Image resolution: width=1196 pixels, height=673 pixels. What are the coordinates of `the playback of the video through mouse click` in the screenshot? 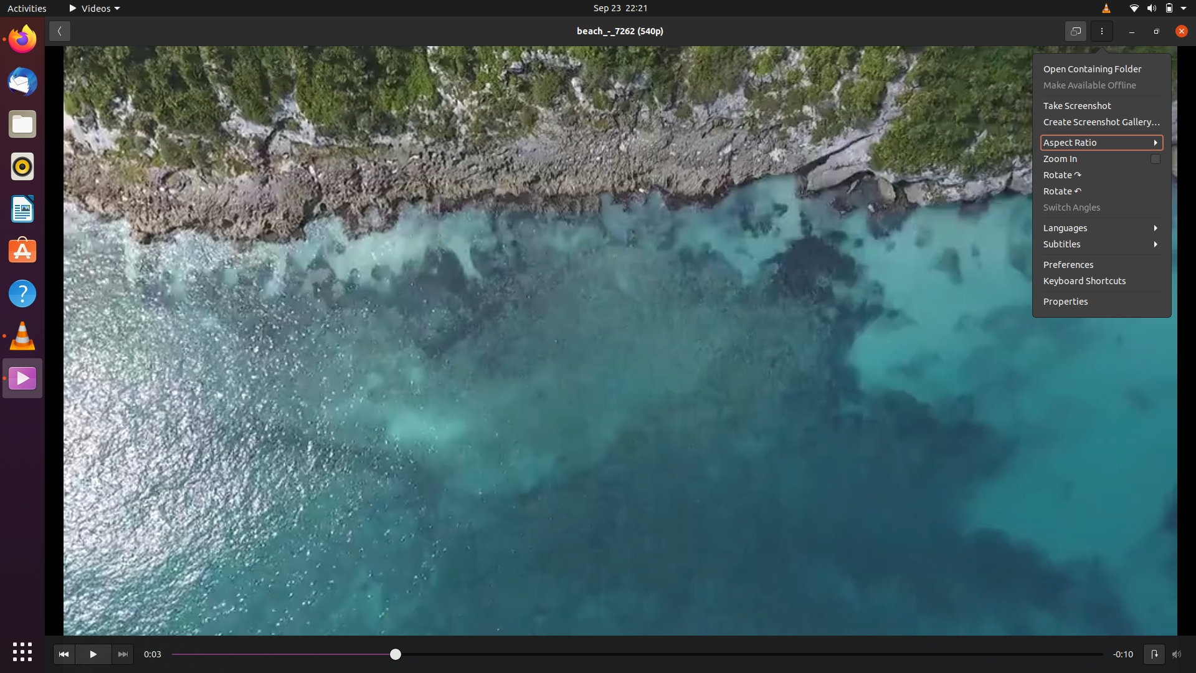 It's located at (92, 654).